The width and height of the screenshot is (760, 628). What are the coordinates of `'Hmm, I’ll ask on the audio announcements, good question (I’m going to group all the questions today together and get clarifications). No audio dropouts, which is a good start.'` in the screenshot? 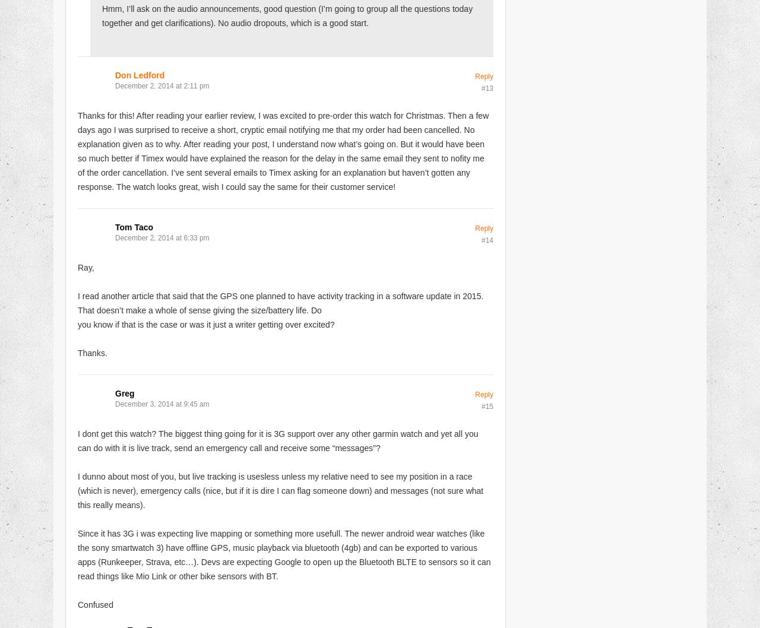 It's located at (287, 15).